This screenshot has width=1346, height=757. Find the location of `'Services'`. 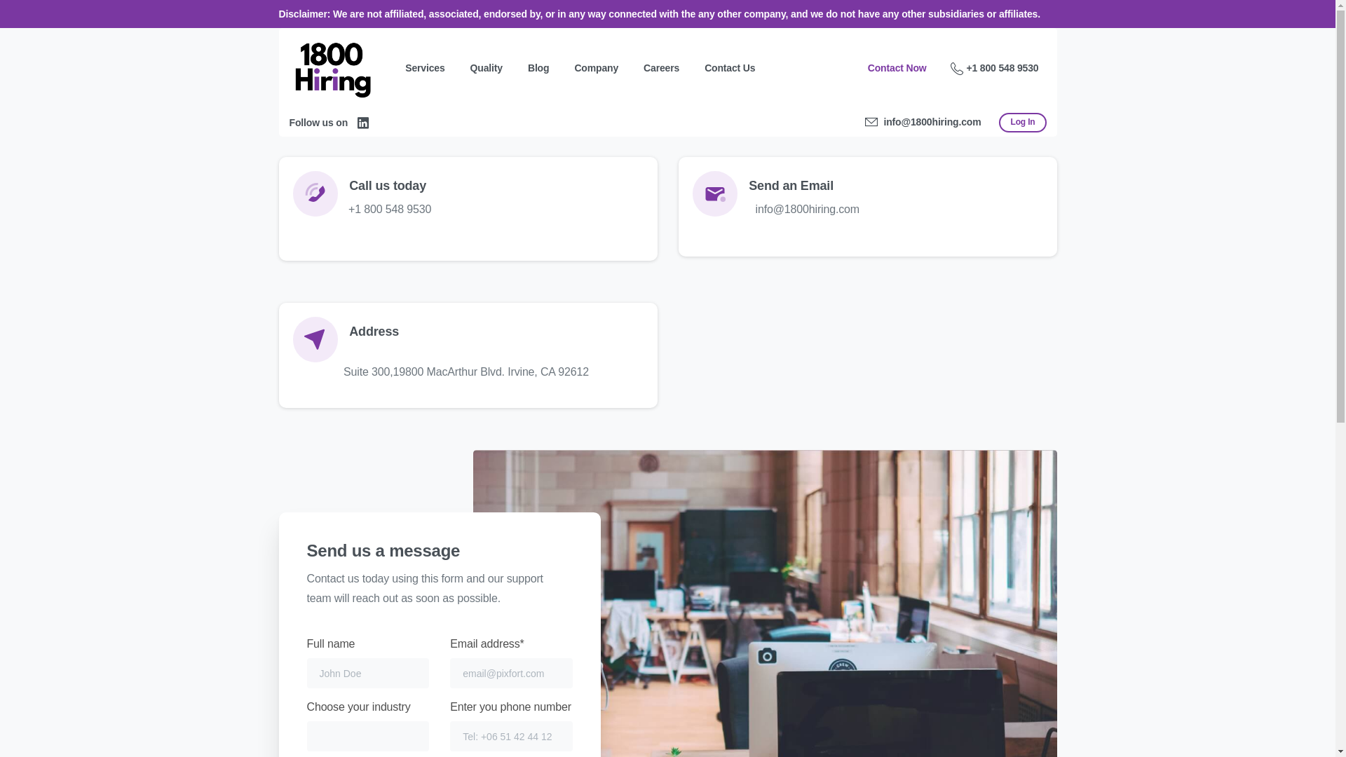

'Services' is located at coordinates (423, 68).